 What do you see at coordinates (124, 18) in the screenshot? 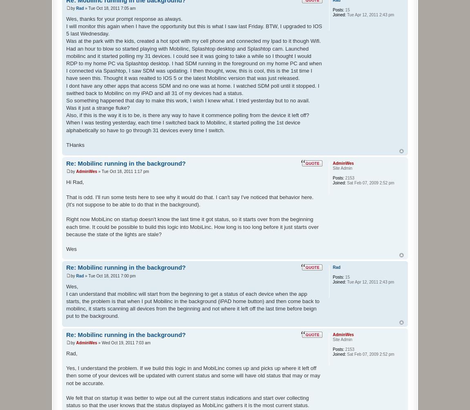
I see `'Wes, thanks for your prompt response as always.'` at bounding box center [124, 18].